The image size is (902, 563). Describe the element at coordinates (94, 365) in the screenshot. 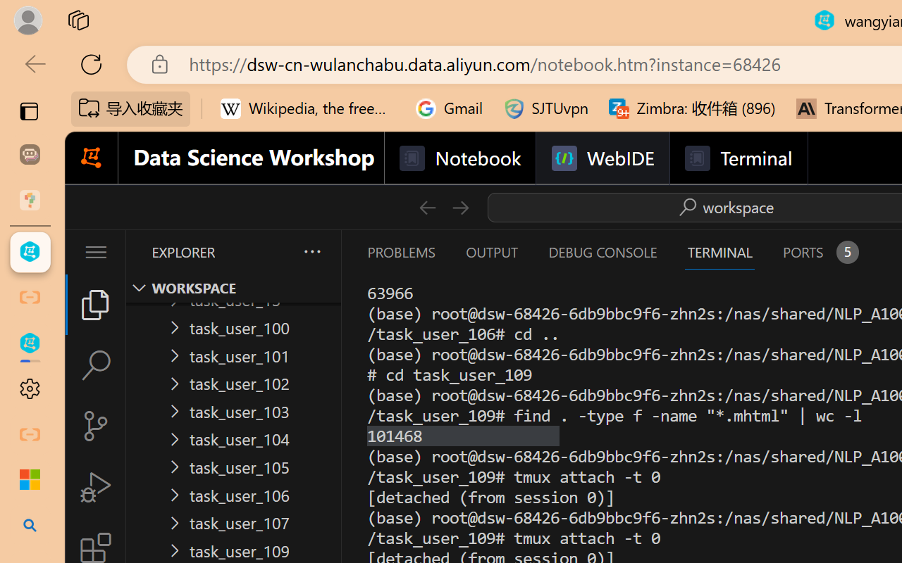

I see `'Search (Ctrl+Shift+F)'` at that location.